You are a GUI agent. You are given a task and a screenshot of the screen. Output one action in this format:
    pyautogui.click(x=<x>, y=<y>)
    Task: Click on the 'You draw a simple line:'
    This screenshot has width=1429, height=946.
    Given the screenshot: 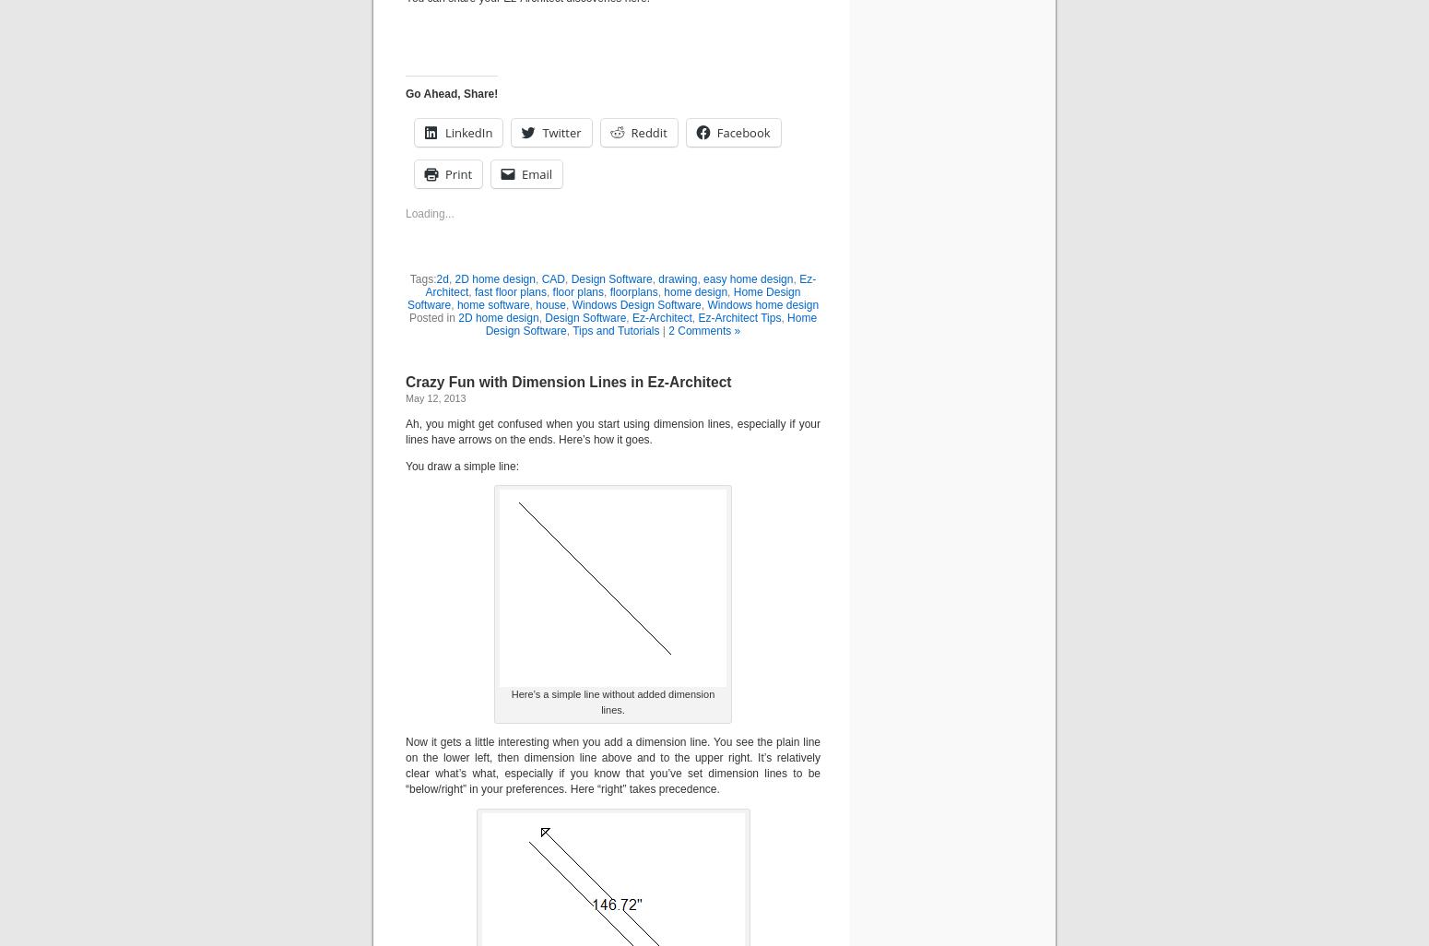 What is the action you would take?
    pyautogui.click(x=460, y=464)
    